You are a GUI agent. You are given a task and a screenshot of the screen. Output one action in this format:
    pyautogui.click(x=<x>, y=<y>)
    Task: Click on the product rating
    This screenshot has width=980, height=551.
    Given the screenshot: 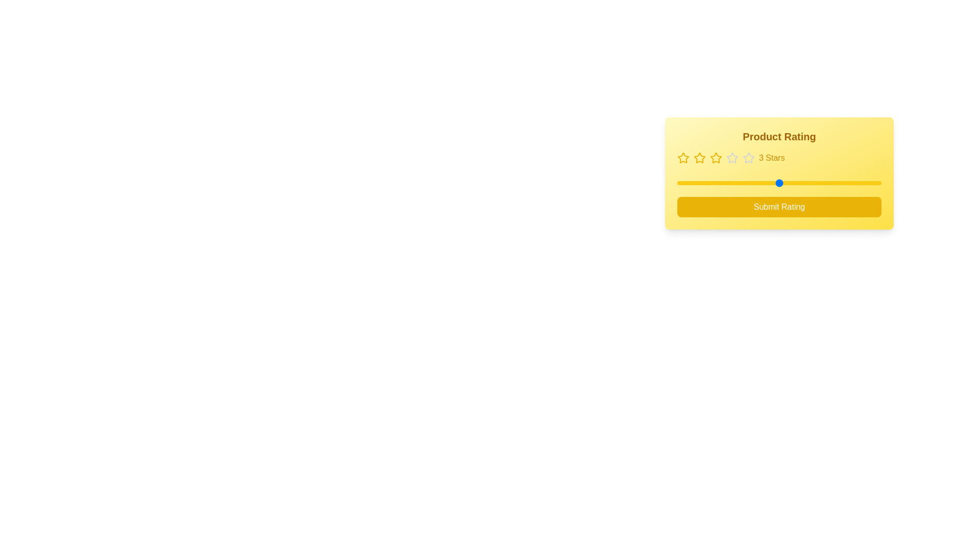 What is the action you would take?
    pyautogui.click(x=778, y=182)
    